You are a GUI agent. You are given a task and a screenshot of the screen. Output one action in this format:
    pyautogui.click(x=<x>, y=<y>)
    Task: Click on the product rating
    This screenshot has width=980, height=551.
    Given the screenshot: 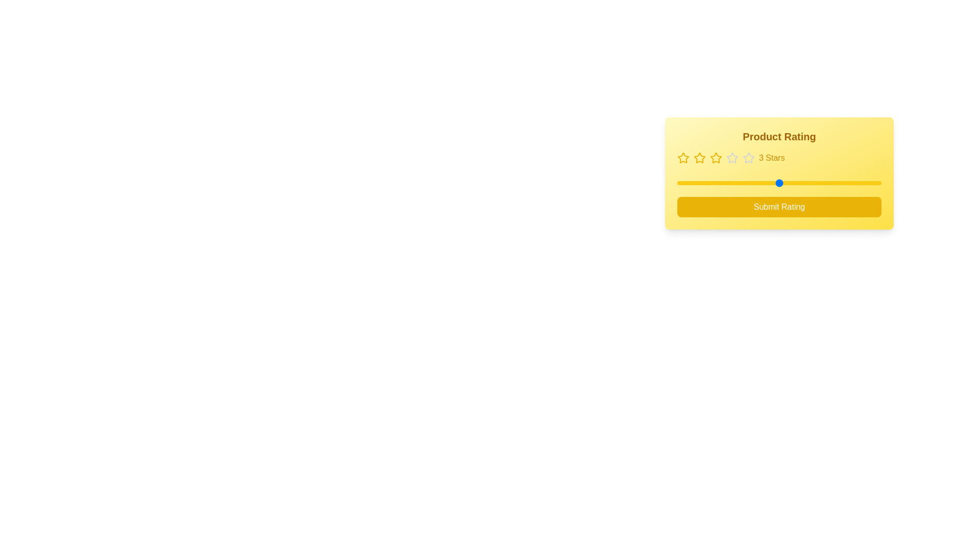 What is the action you would take?
    pyautogui.click(x=778, y=182)
    